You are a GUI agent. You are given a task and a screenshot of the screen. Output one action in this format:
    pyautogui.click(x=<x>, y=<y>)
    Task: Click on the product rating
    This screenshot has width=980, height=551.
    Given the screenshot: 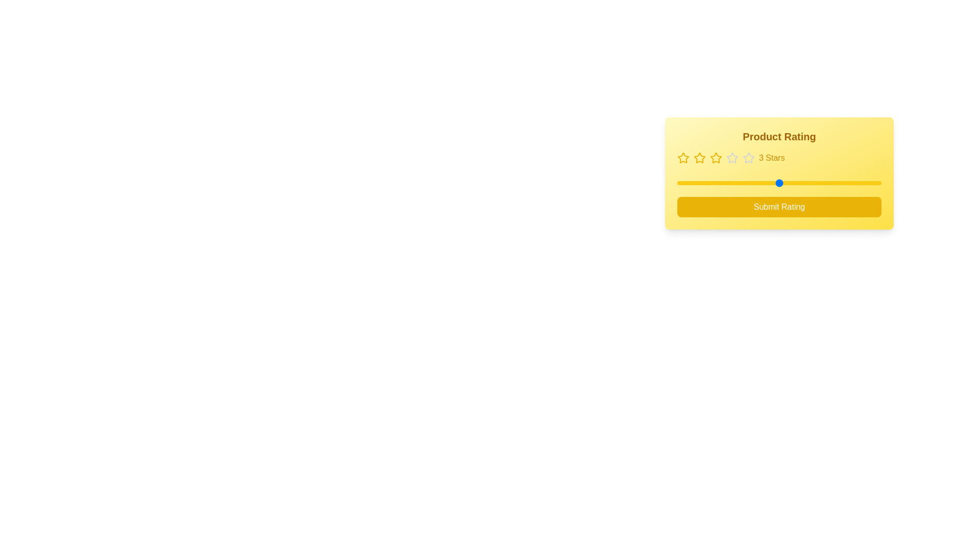 What is the action you would take?
    pyautogui.click(x=778, y=182)
    